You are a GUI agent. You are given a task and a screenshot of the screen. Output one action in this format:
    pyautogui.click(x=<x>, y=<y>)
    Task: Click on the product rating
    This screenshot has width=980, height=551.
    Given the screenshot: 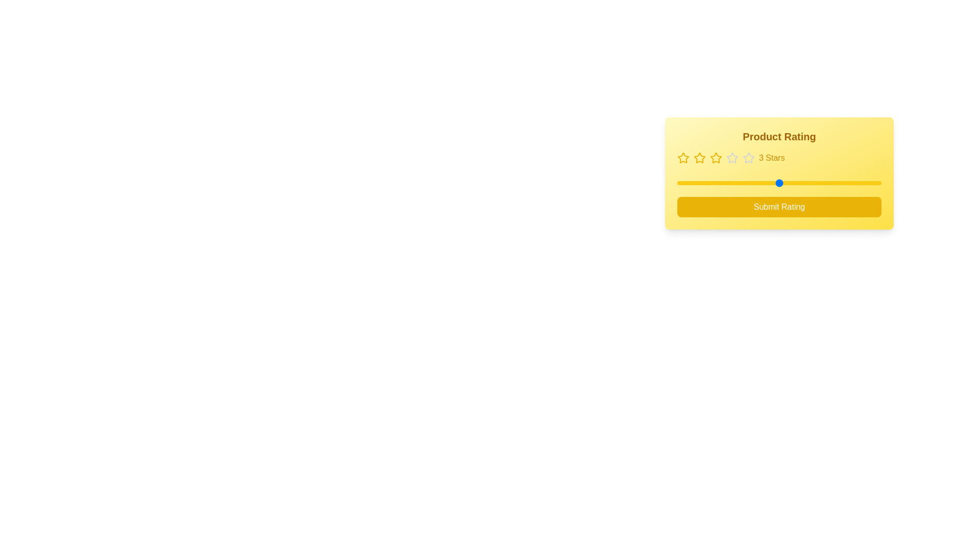 What is the action you would take?
    pyautogui.click(x=778, y=182)
    